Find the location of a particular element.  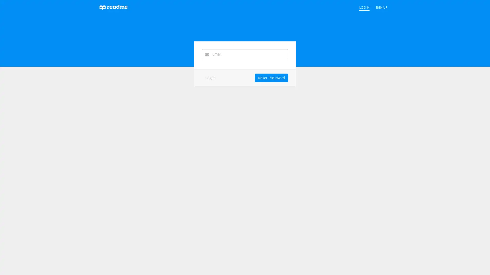

Reset Password is located at coordinates (271, 78).